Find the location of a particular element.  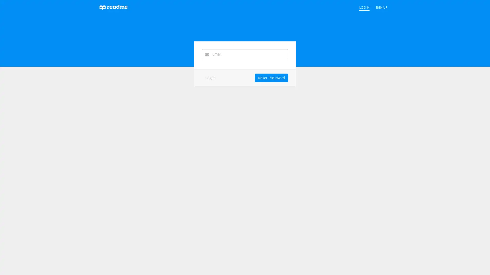

Reset Password is located at coordinates (271, 78).